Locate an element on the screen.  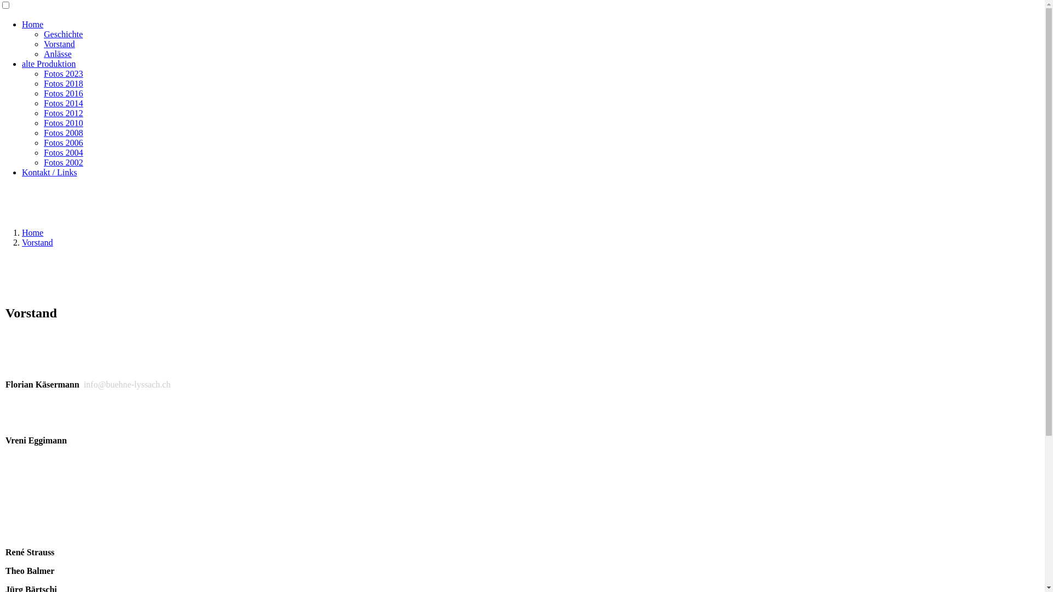
'Fotos 2018' is located at coordinates (63, 83).